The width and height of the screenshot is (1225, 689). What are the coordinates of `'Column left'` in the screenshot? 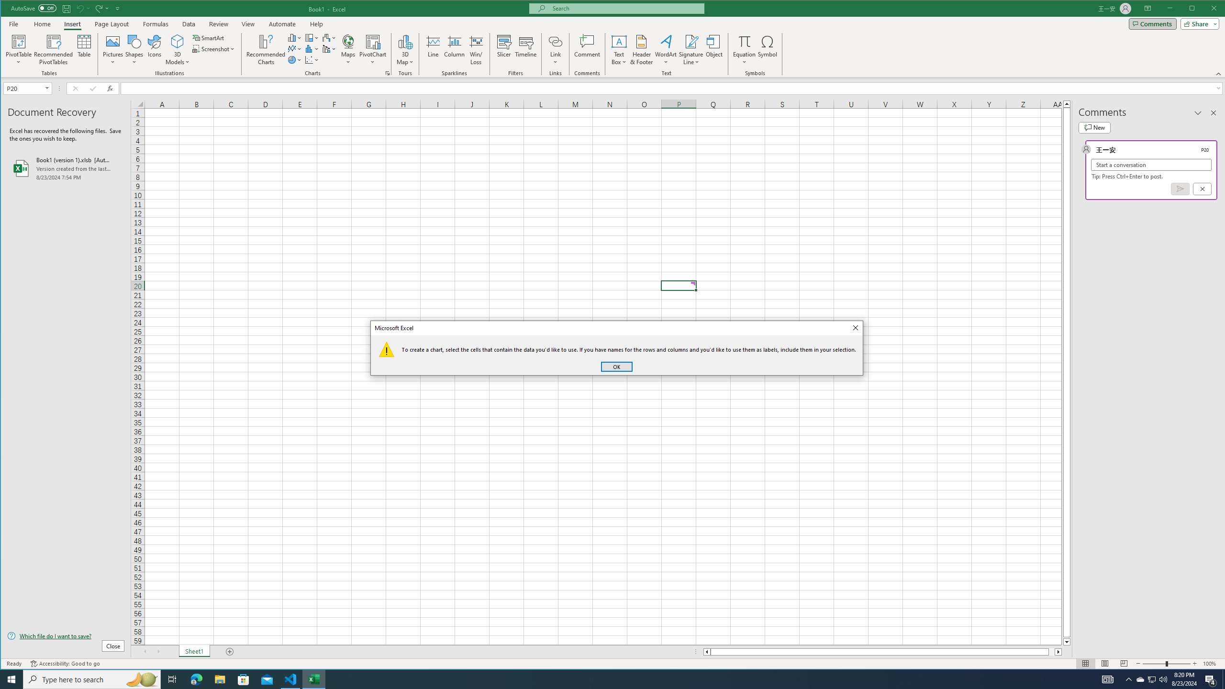 It's located at (706, 652).